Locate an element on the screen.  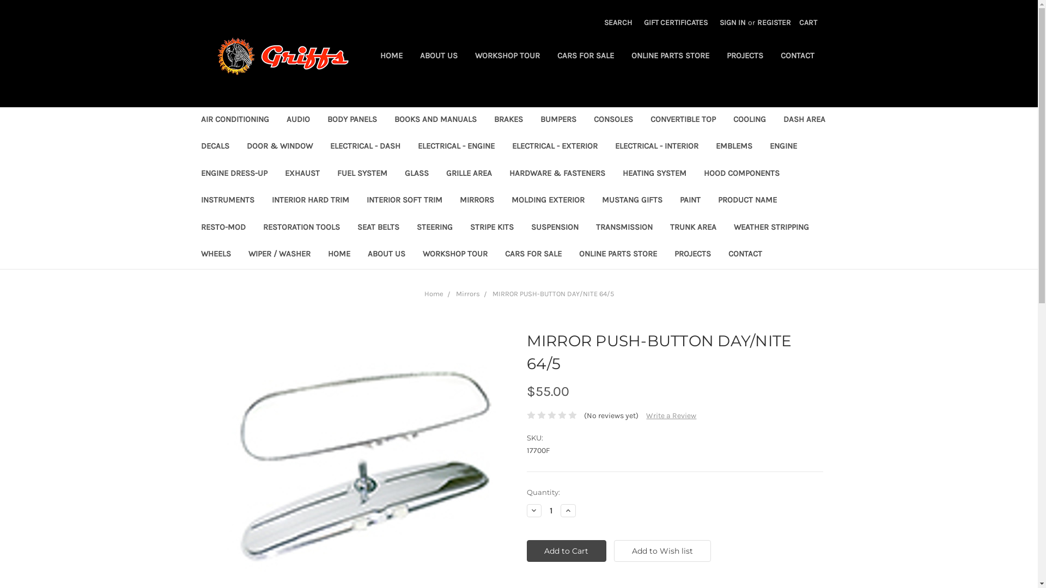
'SIGN IN' is located at coordinates (714, 22).